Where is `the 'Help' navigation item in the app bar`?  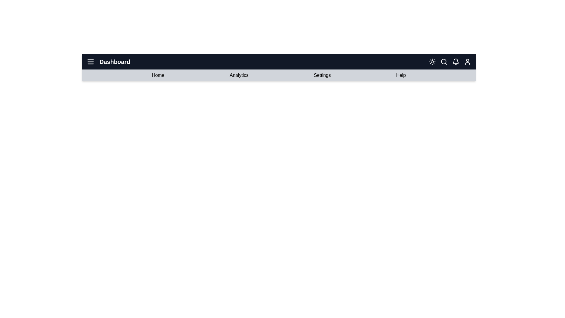
the 'Help' navigation item in the app bar is located at coordinates (401, 75).